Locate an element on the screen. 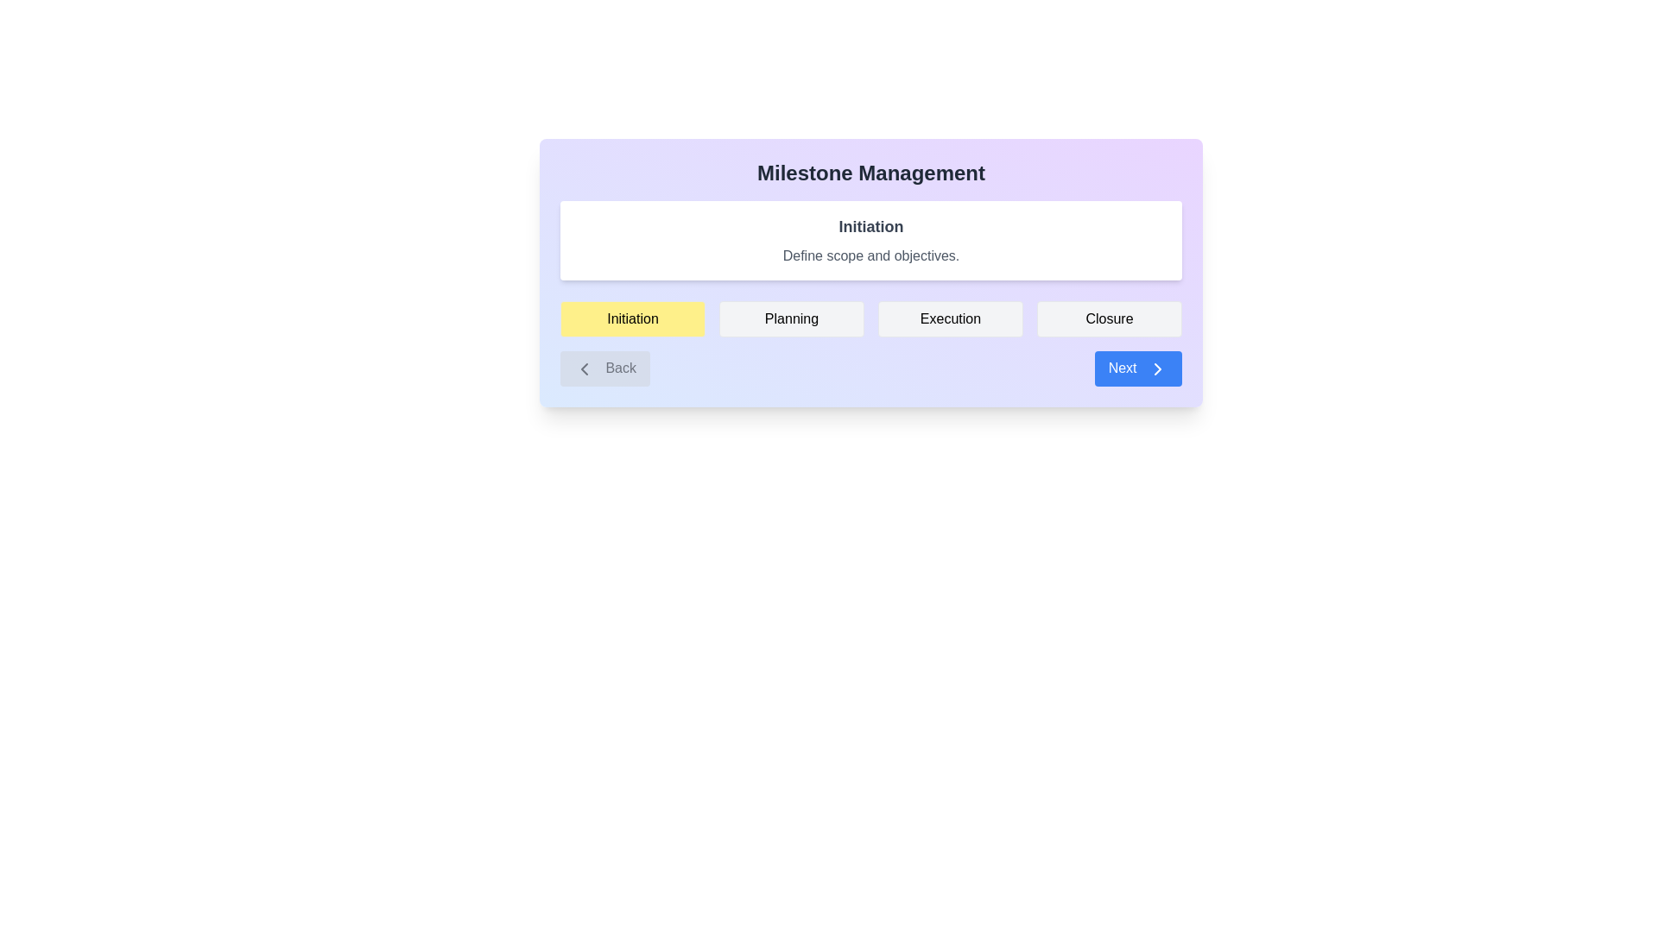 The image size is (1658, 932). the milestone label 'Initiation' located at the top-center section of the milestone management interface to focus or select the stage represented is located at coordinates (632, 319).